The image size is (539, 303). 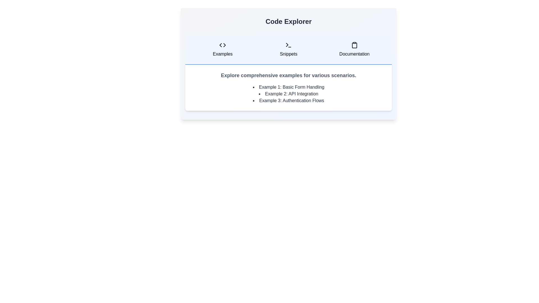 I want to click on the Tab Navigation element located below the 'Code Explorer' header, so click(x=288, y=49).